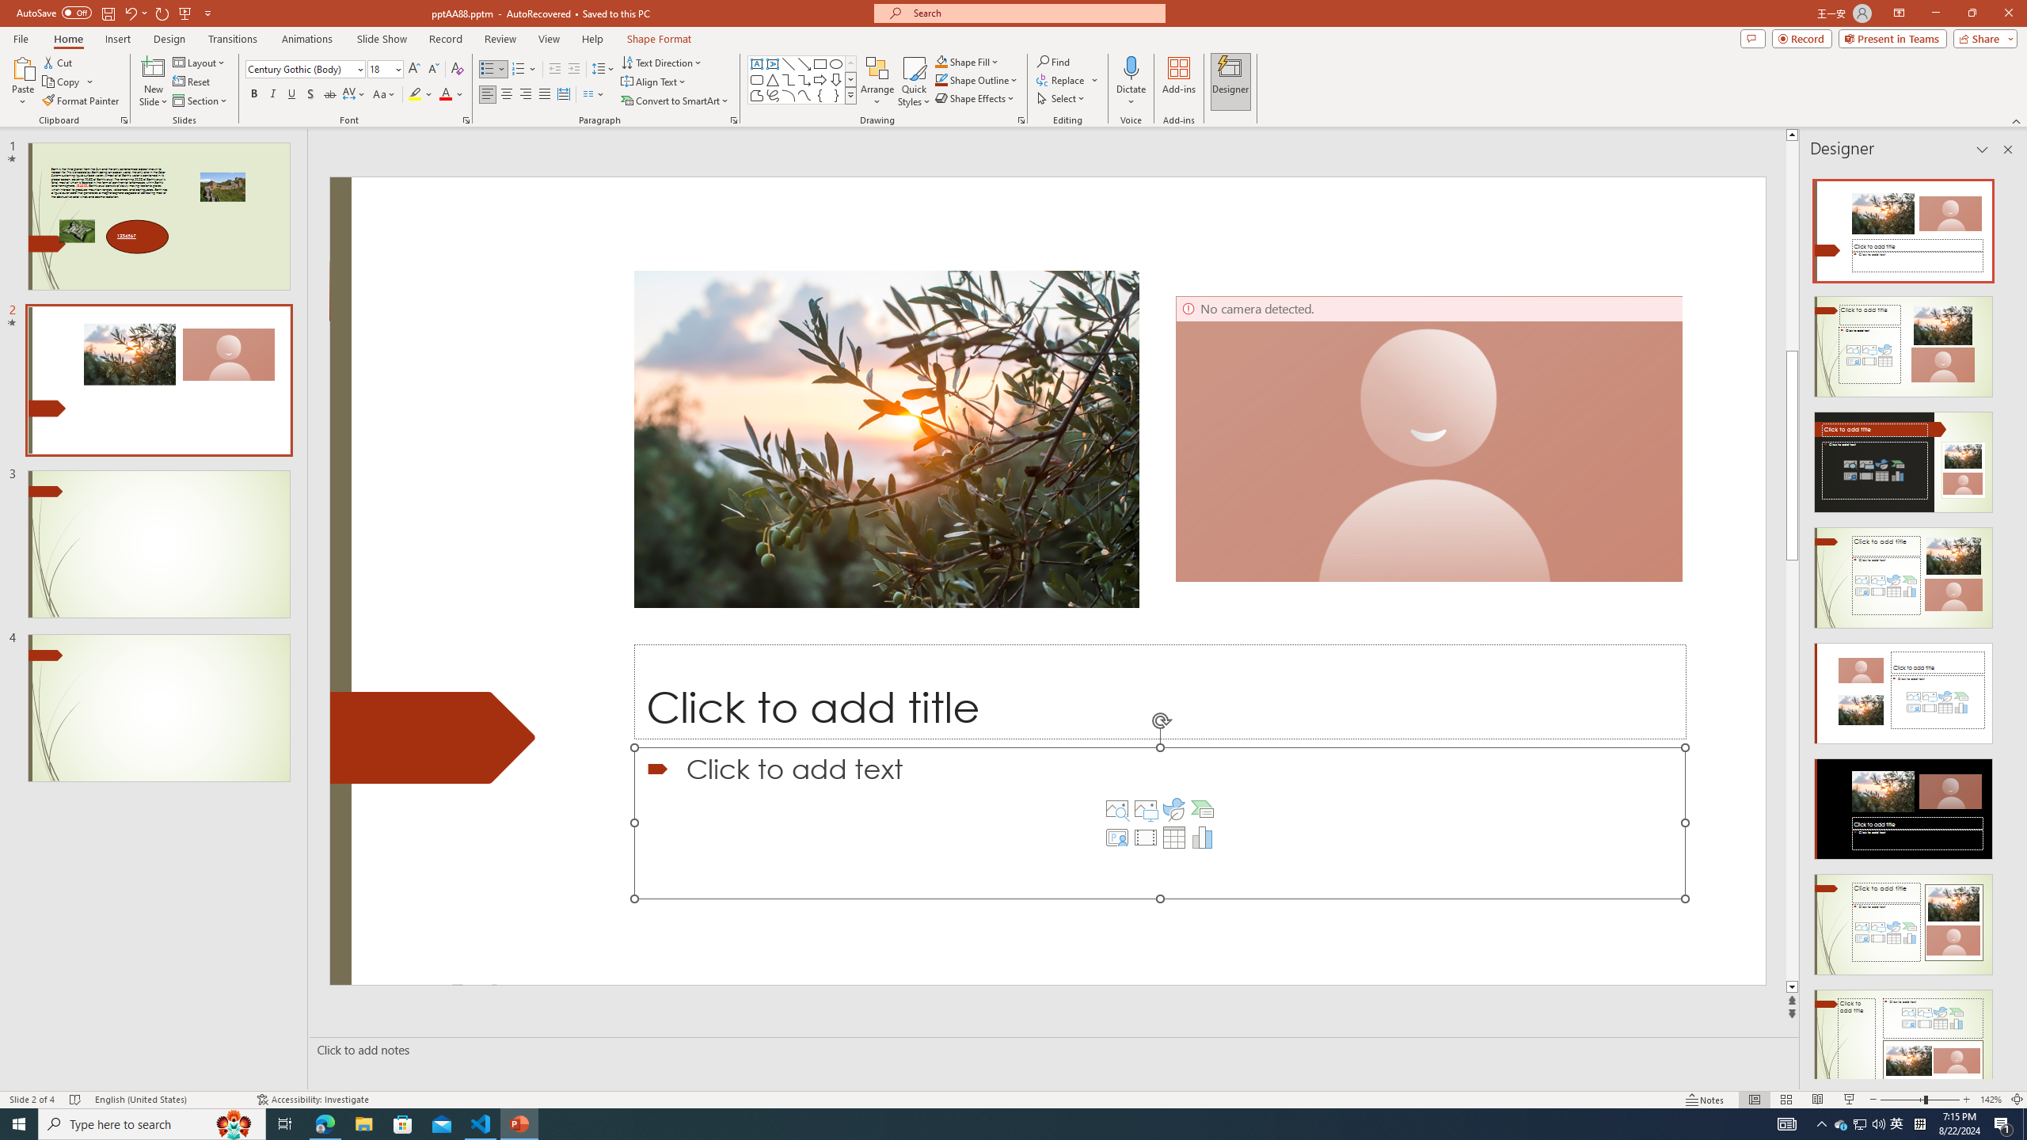 The width and height of the screenshot is (2027, 1140). What do you see at coordinates (1068, 78) in the screenshot?
I see `'Replace...'` at bounding box center [1068, 78].